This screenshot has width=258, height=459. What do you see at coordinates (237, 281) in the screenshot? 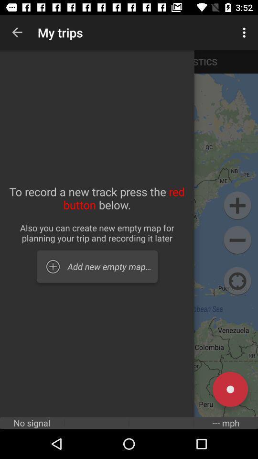
I see `the location_crosshair icon` at bounding box center [237, 281].